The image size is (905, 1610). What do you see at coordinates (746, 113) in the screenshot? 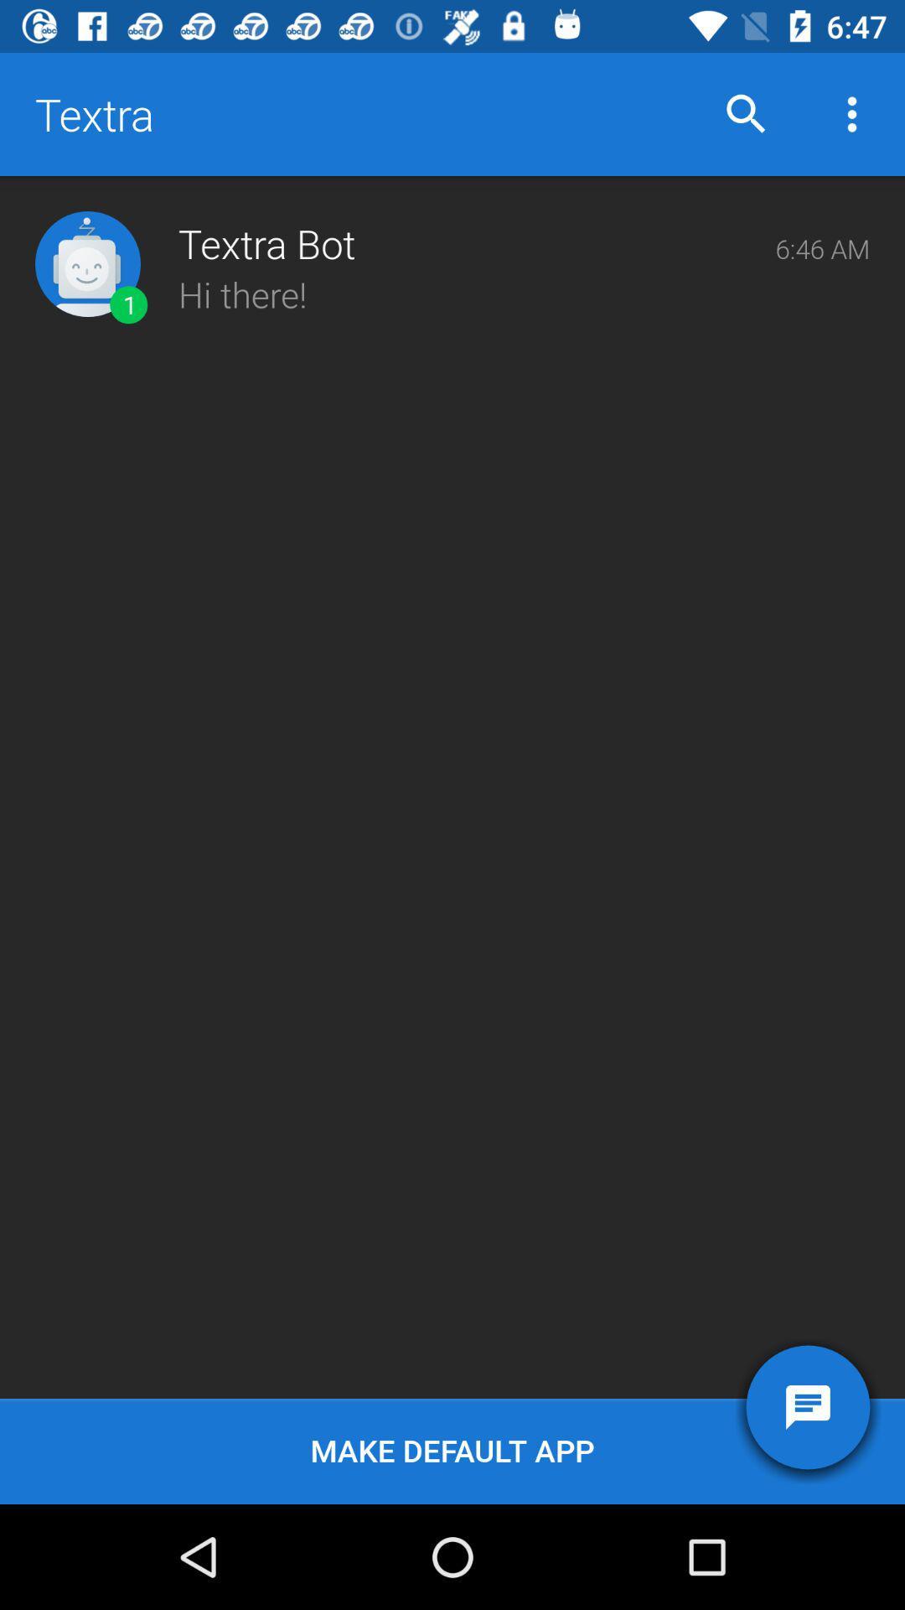
I see `the item next to textra item` at bounding box center [746, 113].